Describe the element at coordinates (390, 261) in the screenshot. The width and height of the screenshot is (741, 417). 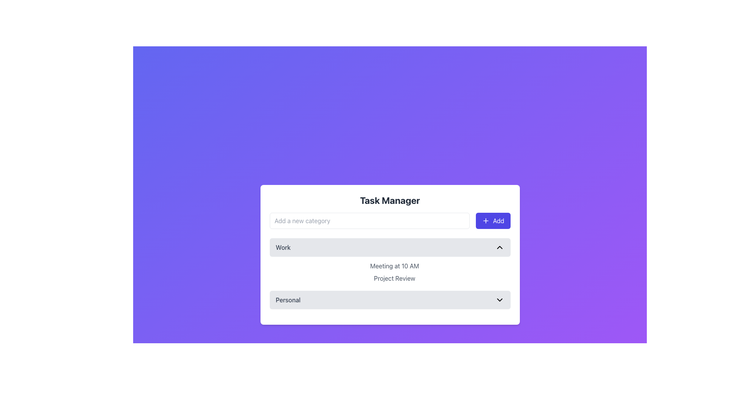
I see `the Text Label providing additional details about a schedule or event, located under the 'Work' section of the 'Task Manager'` at that location.